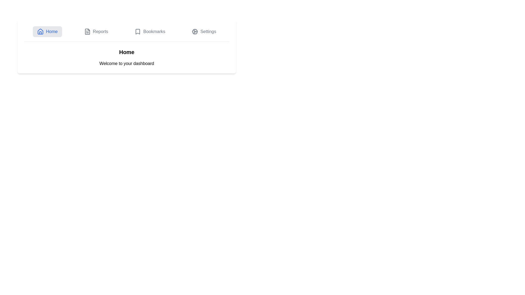 The width and height of the screenshot is (525, 295). I want to click on the static text display that shows 'Welcome to your dashboard', which is centrally aligned and positioned below the 'Home' text, so click(126, 63).